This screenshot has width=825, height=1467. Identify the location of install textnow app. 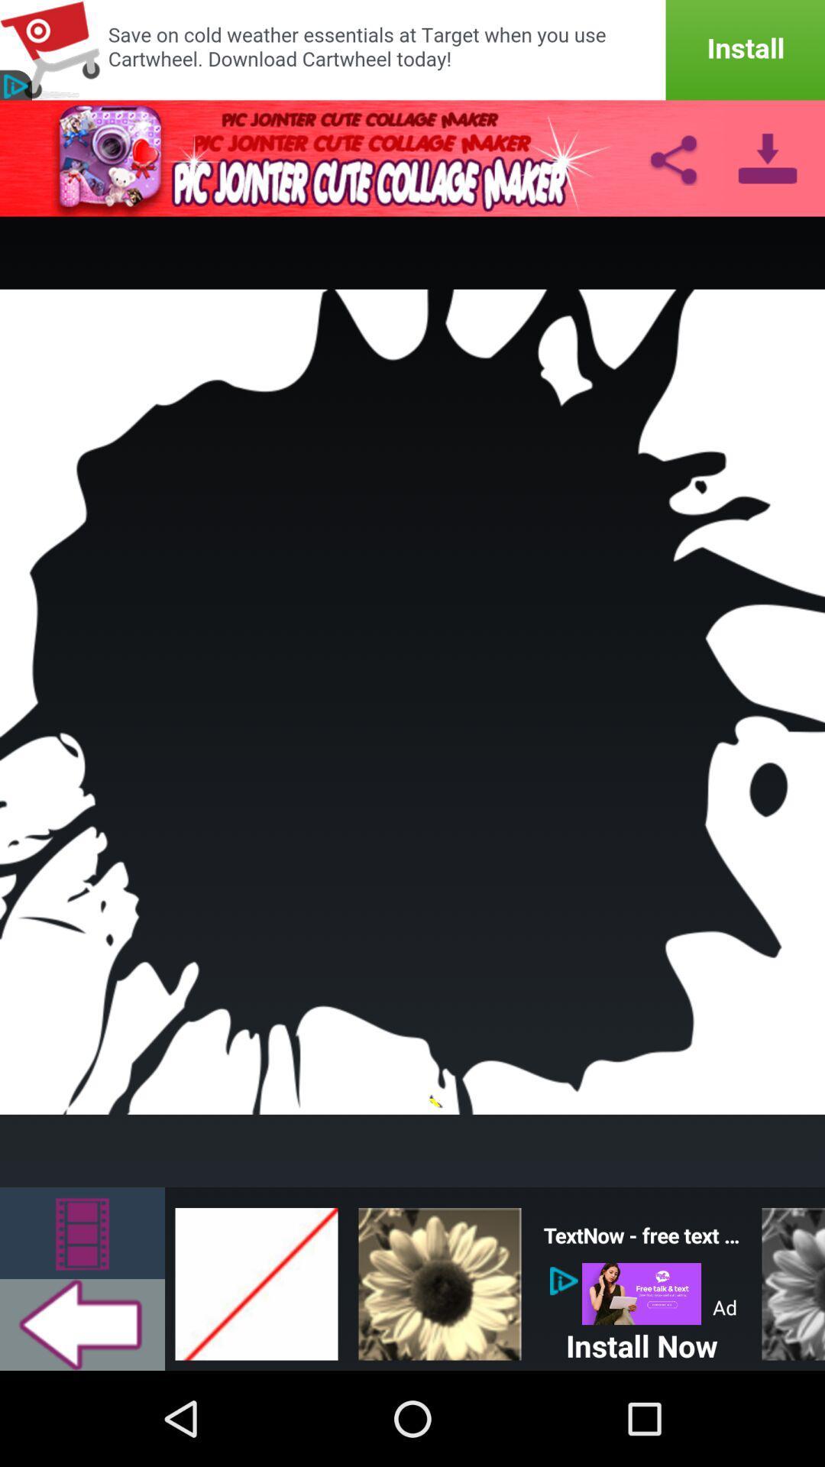
(642, 1293).